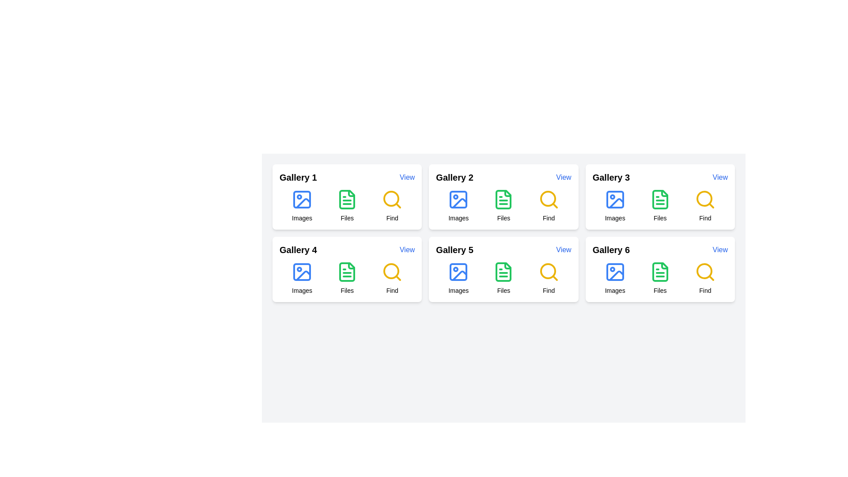 The image size is (848, 477). Describe the element at coordinates (704, 272) in the screenshot. I see `the 'Find' icon located in the sixth gallery box of the grid layout to initiate the search function` at that location.